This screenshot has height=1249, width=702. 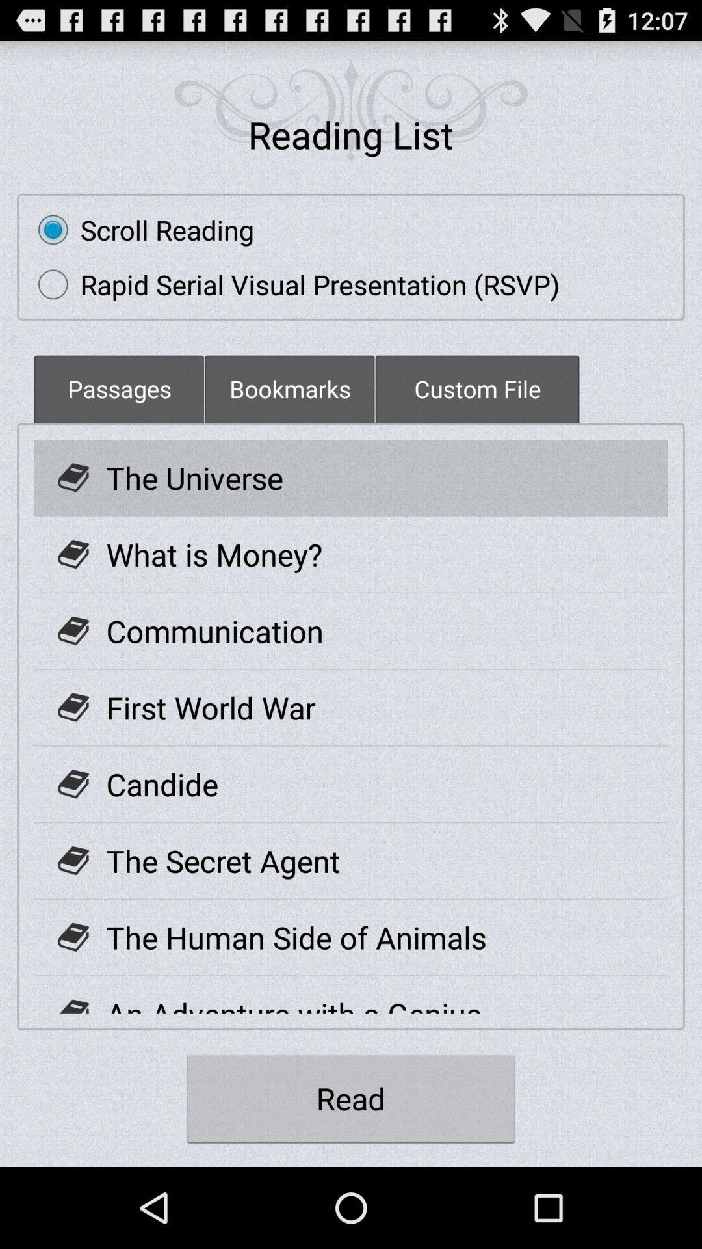 What do you see at coordinates (214, 631) in the screenshot?
I see `the communication item` at bounding box center [214, 631].